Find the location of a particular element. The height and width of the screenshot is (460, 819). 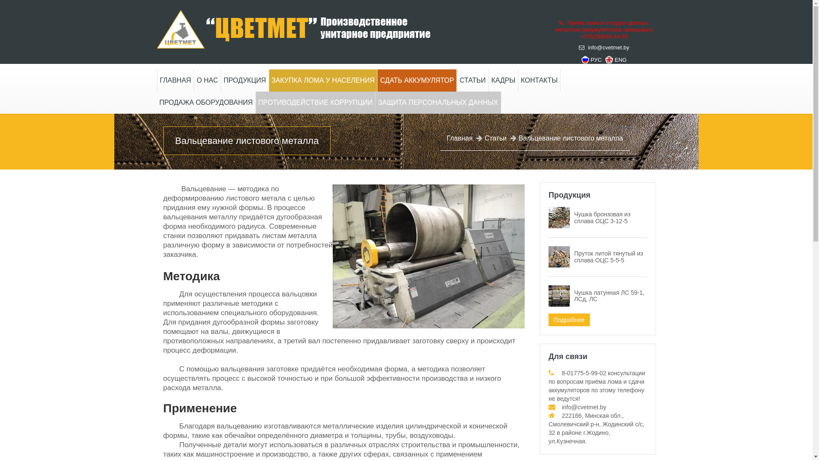

'ENG' is located at coordinates (616, 60).